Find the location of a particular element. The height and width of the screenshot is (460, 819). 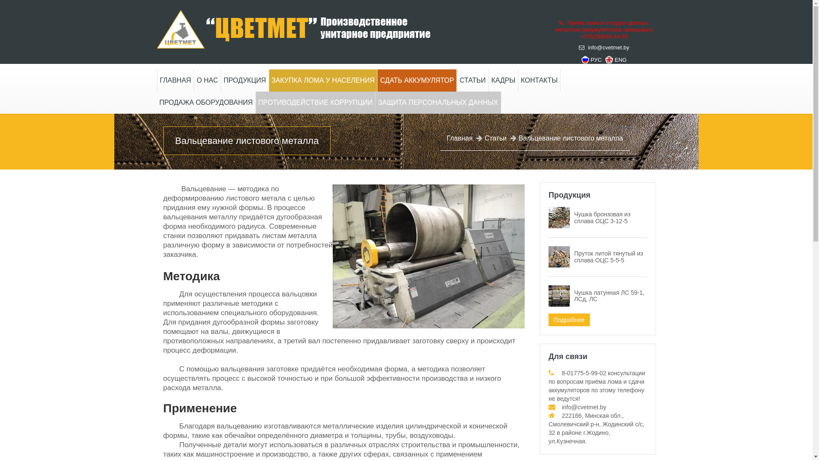

'ENG' is located at coordinates (616, 60).